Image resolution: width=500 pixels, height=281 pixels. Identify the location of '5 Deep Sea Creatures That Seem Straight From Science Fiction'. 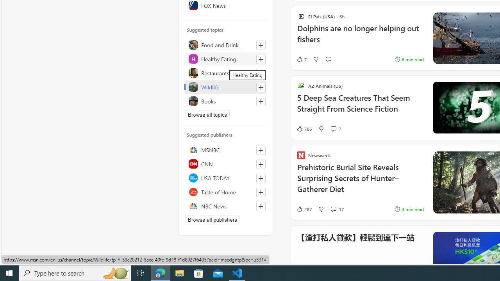
(360, 107).